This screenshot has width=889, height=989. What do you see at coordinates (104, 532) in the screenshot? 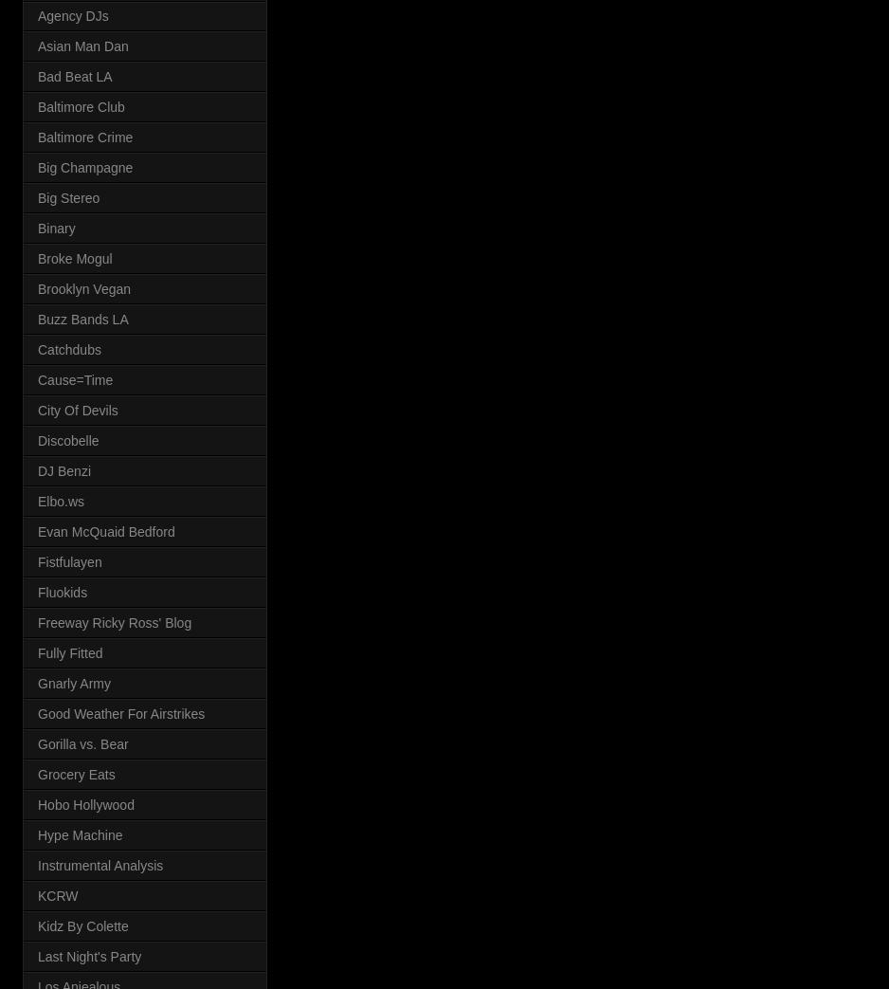
I see `'Evan McQuaid Bedford'` at bounding box center [104, 532].